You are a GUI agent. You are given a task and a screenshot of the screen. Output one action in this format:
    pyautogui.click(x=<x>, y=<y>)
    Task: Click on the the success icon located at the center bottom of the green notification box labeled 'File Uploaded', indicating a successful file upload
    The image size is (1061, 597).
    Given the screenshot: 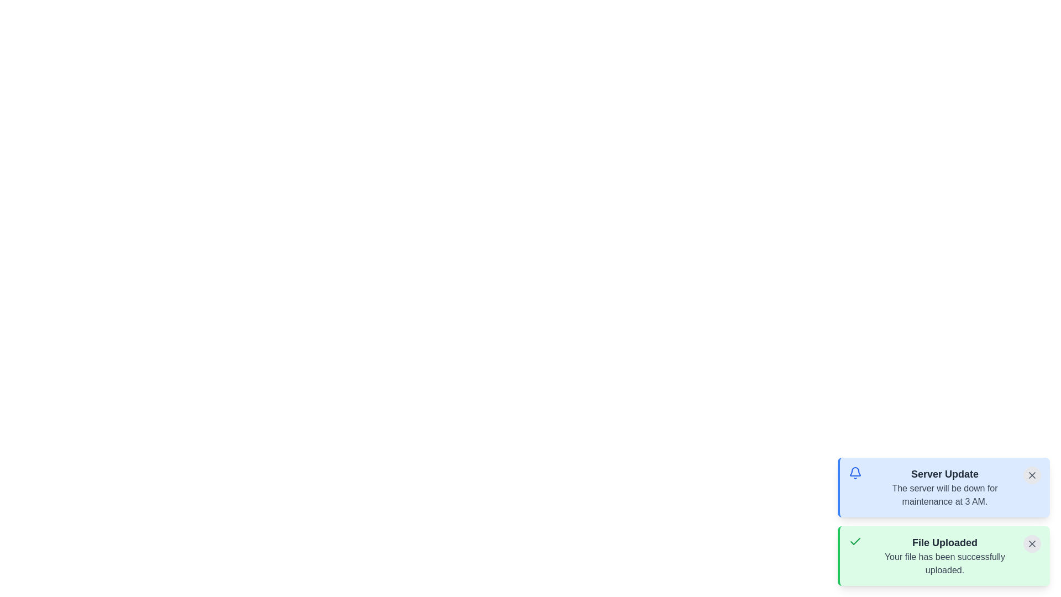 What is the action you would take?
    pyautogui.click(x=855, y=541)
    